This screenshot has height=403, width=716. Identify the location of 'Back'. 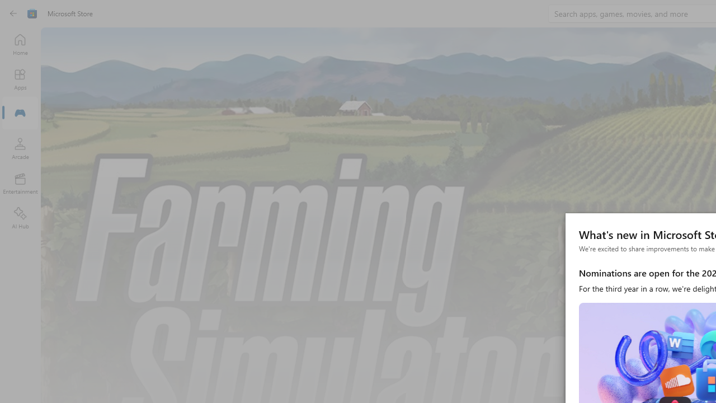
(13, 13).